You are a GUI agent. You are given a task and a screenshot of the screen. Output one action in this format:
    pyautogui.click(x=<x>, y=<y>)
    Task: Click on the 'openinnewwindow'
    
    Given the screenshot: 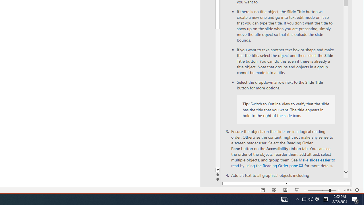 What is the action you would take?
    pyautogui.click(x=301, y=165)
    